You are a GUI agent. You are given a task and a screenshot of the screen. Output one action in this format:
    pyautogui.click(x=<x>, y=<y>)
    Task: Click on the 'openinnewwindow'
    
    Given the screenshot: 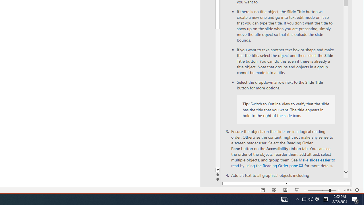 What is the action you would take?
    pyautogui.click(x=301, y=165)
    